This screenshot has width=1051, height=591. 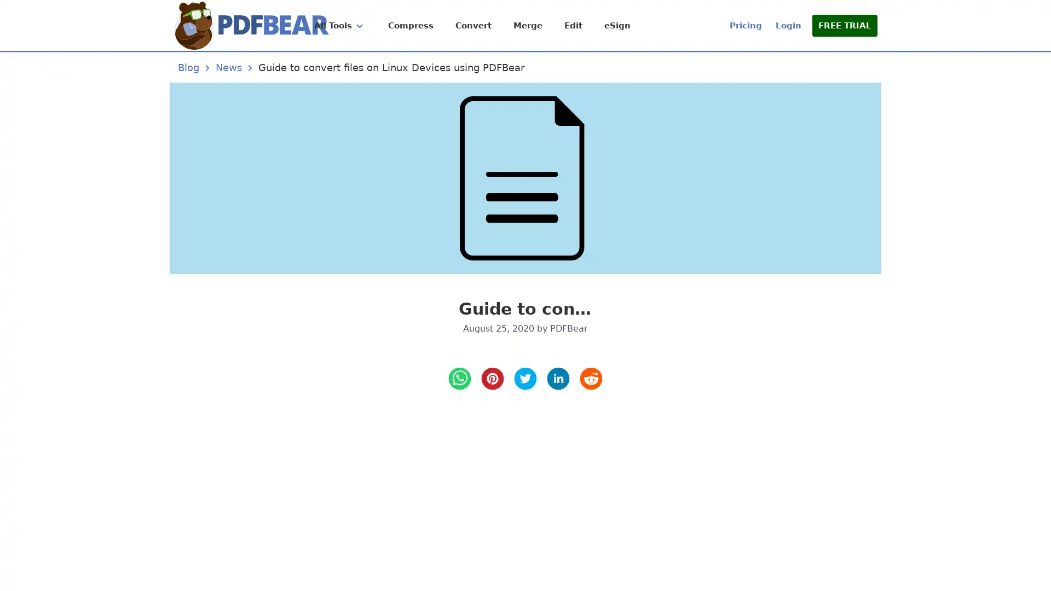 I want to click on eSign, so click(x=617, y=25).